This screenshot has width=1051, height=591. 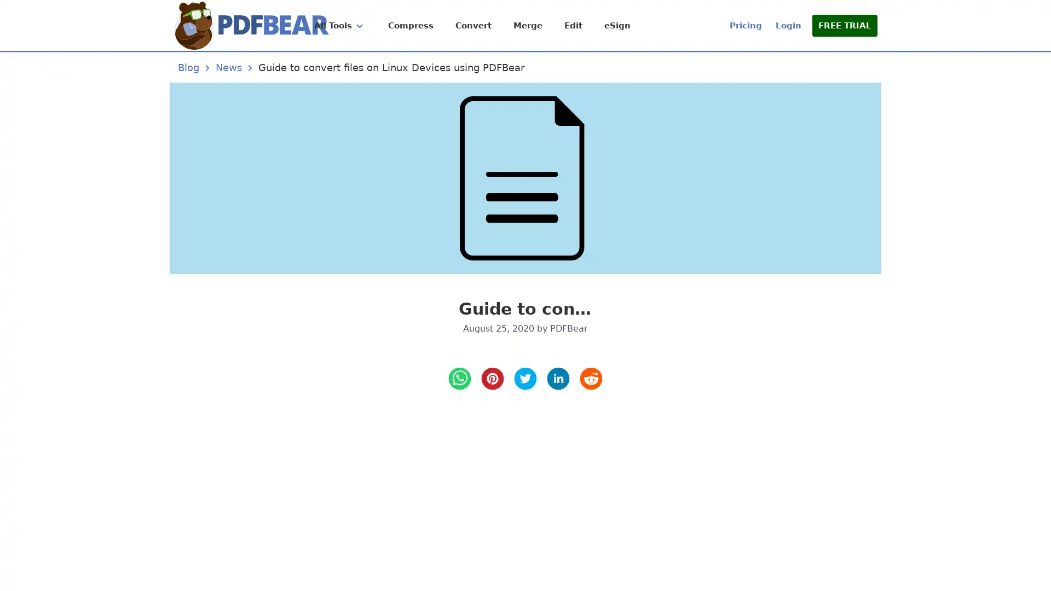 I want to click on eSign, so click(x=617, y=25).